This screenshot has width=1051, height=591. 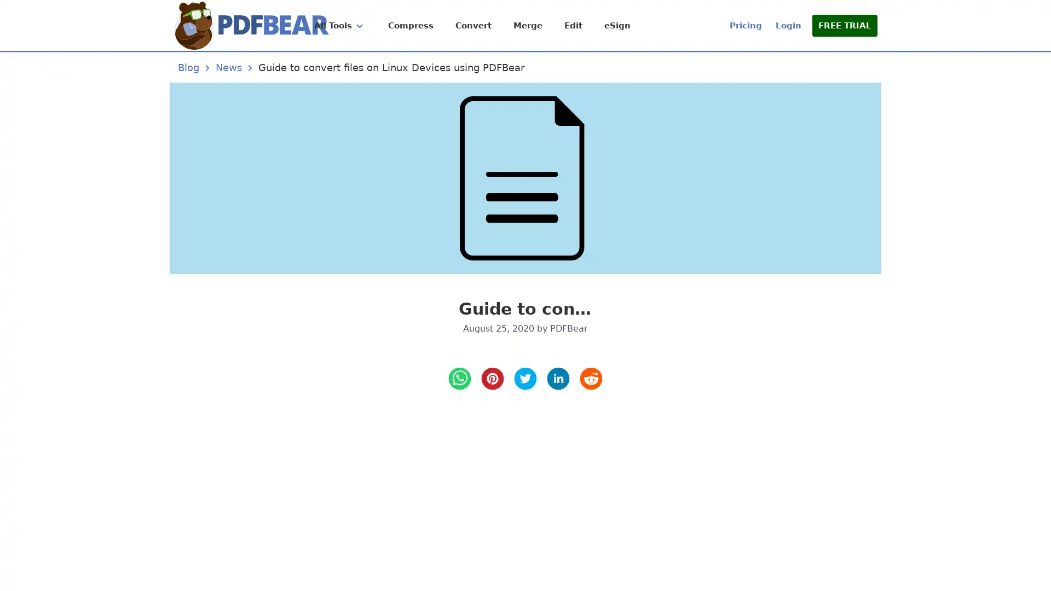 I want to click on eSign, so click(x=617, y=25).